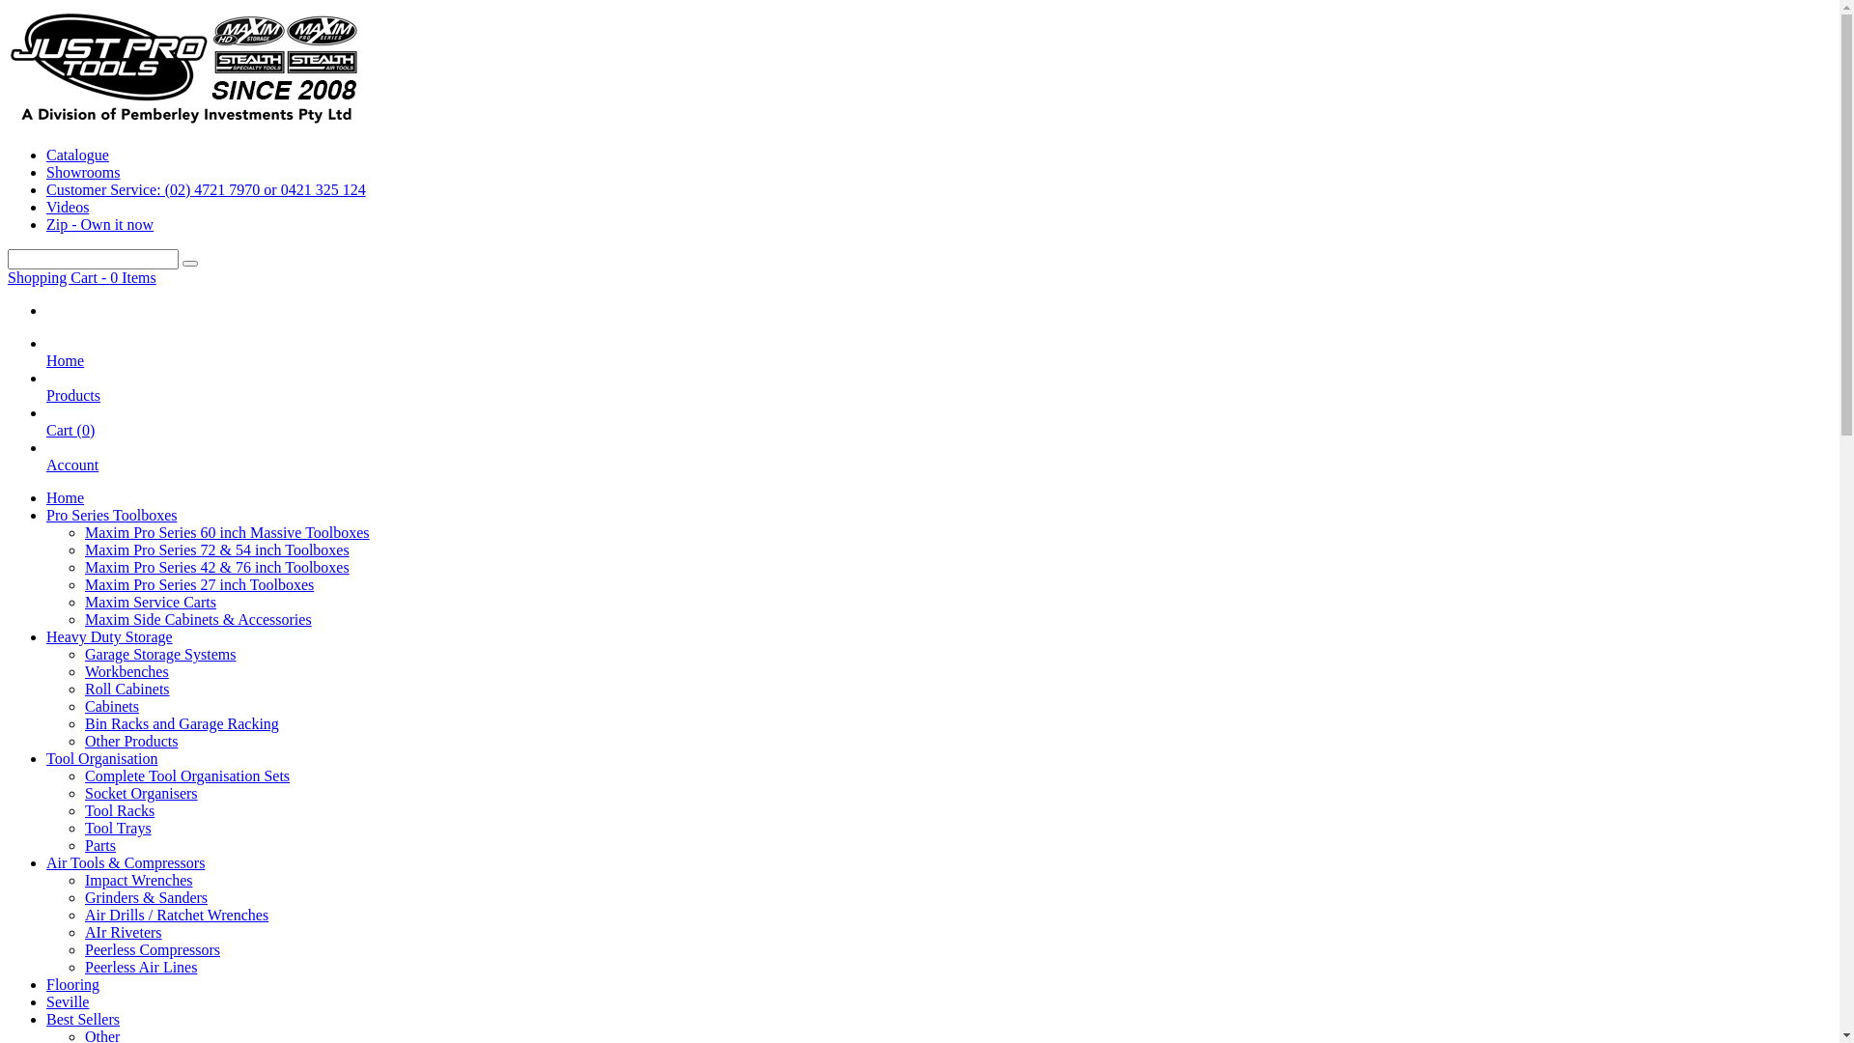 This screenshot has width=1854, height=1043. What do you see at coordinates (77, 154) in the screenshot?
I see `'Catalogue'` at bounding box center [77, 154].